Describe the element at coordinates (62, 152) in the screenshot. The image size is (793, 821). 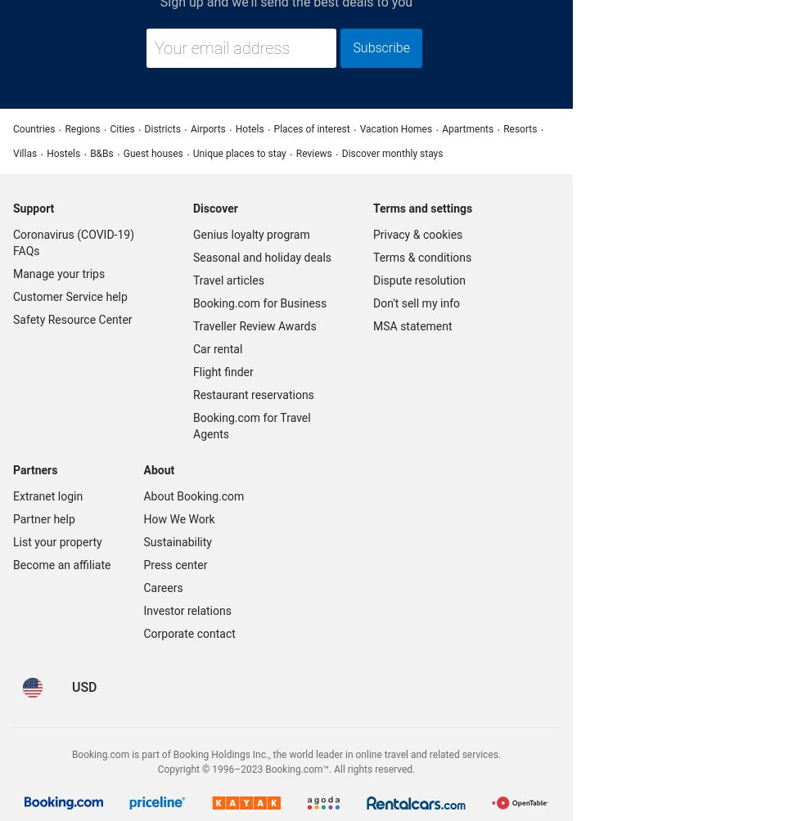
I see `'Hostels'` at that location.